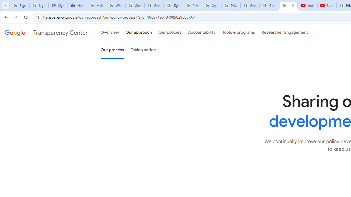 This screenshot has width=351, height=197. What do you see at coordinates (173, 5) in the screenshot?
I see `'Sign in - Google Accounts'` at bounding box center [173, 5].